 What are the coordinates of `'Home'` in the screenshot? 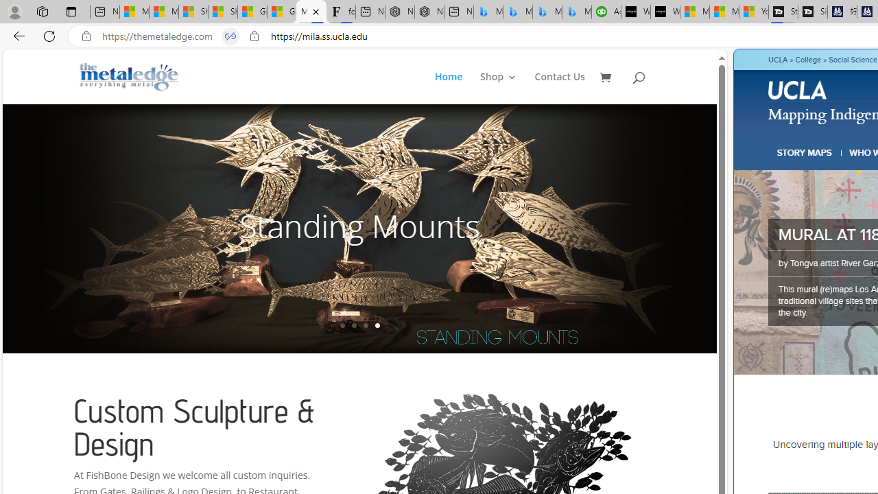 It's located at (449, 88).